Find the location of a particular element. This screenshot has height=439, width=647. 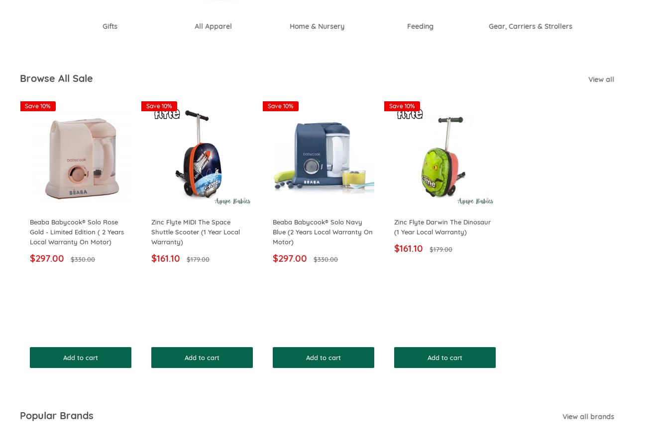

'Zinc Flyte MIDI The Space Shuttle Scooter (1 Year Local Warranty)' is located at coordinates (195, 232).